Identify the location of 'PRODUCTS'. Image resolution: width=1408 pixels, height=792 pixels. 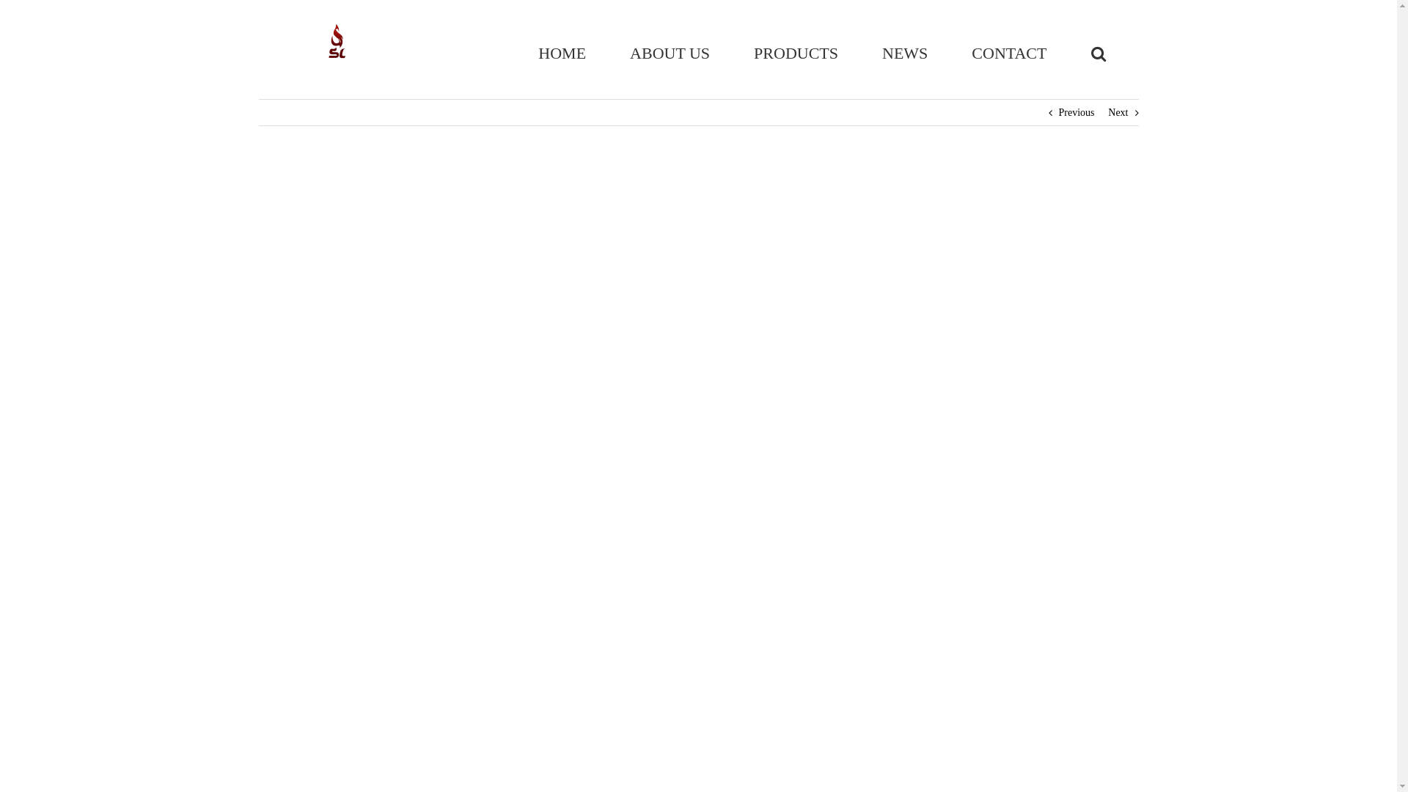
(795, 53).